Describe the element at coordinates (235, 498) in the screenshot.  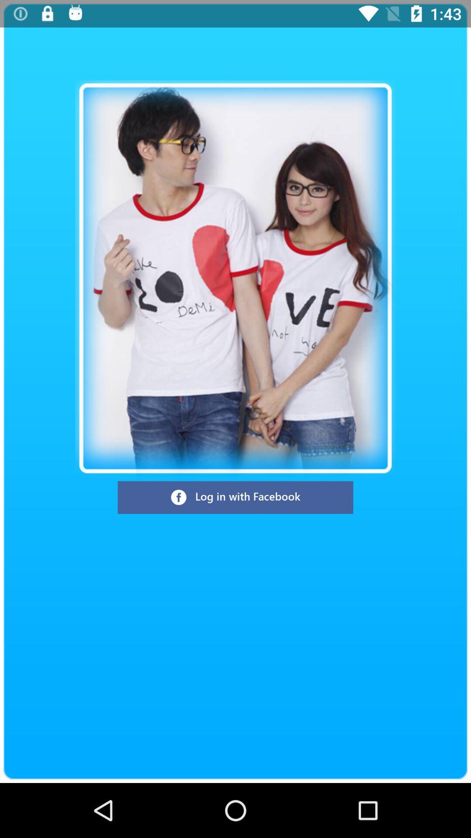
I see `log in with facebook` at that location.